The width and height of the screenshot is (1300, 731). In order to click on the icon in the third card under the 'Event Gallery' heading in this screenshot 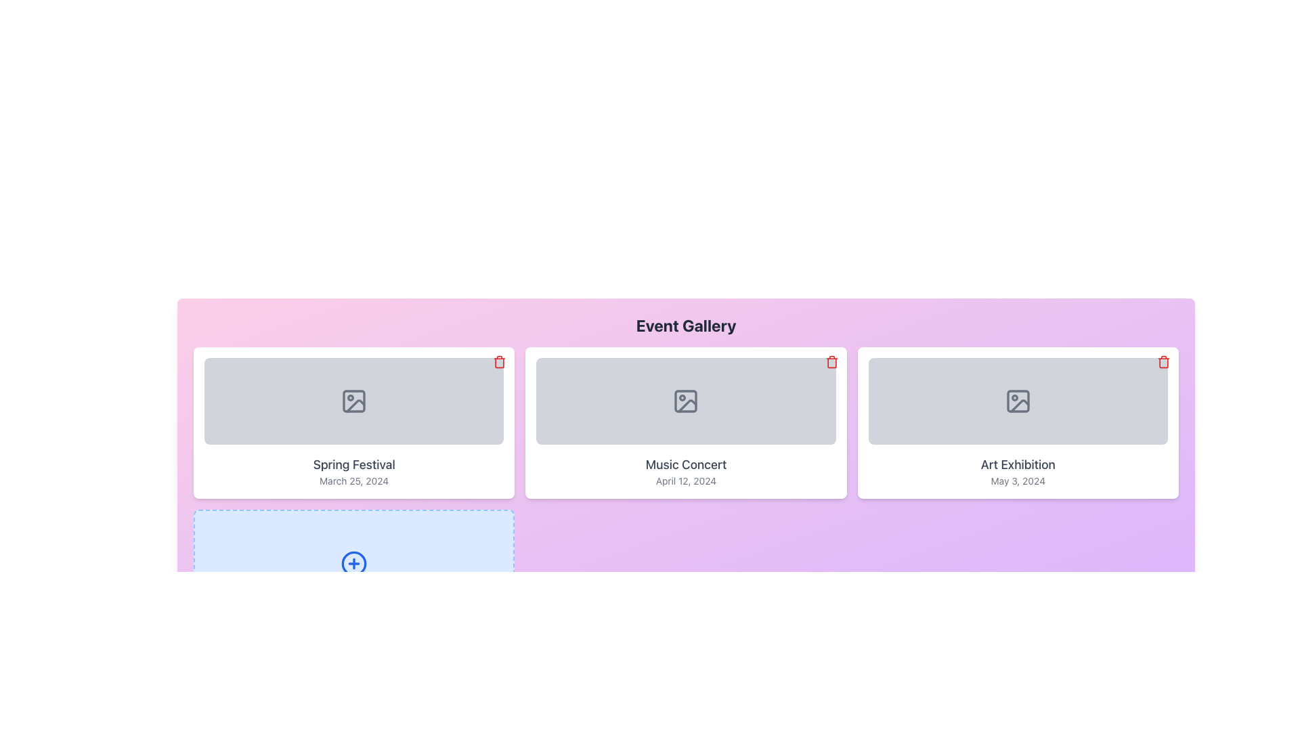, I will do `click(1018, 401)`.